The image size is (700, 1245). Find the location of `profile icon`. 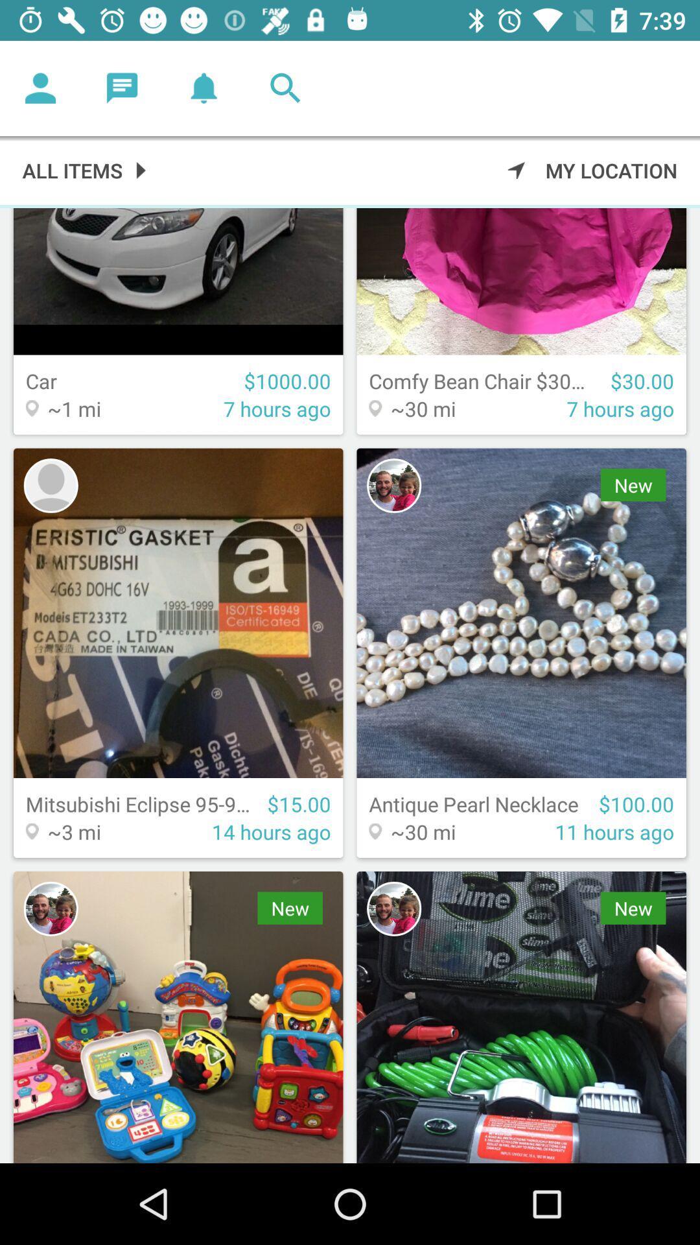

profile icon is located at coordinates (393, 485).